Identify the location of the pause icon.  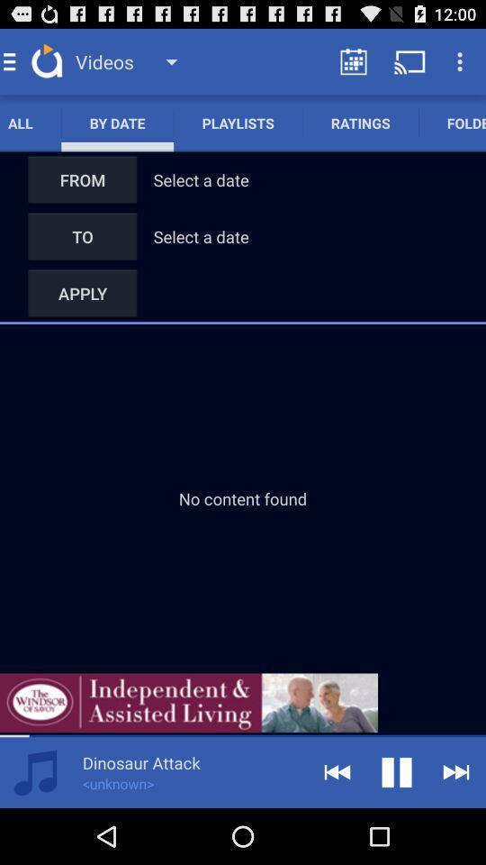
(397, 826).